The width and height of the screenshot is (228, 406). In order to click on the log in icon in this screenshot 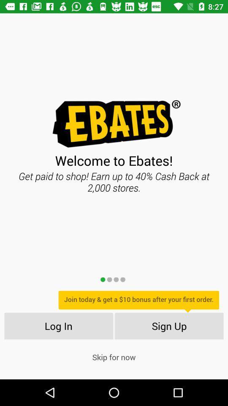, I will do `click(58, 325)`.